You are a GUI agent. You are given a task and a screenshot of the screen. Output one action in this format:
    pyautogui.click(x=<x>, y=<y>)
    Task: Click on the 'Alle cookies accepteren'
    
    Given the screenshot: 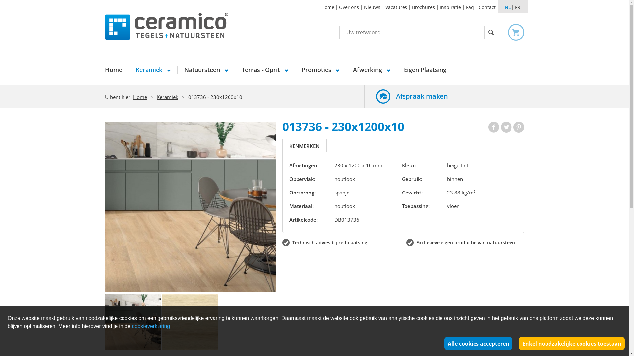 What is the action you would take?
    pyautogui.click(x=478, y=343)
    